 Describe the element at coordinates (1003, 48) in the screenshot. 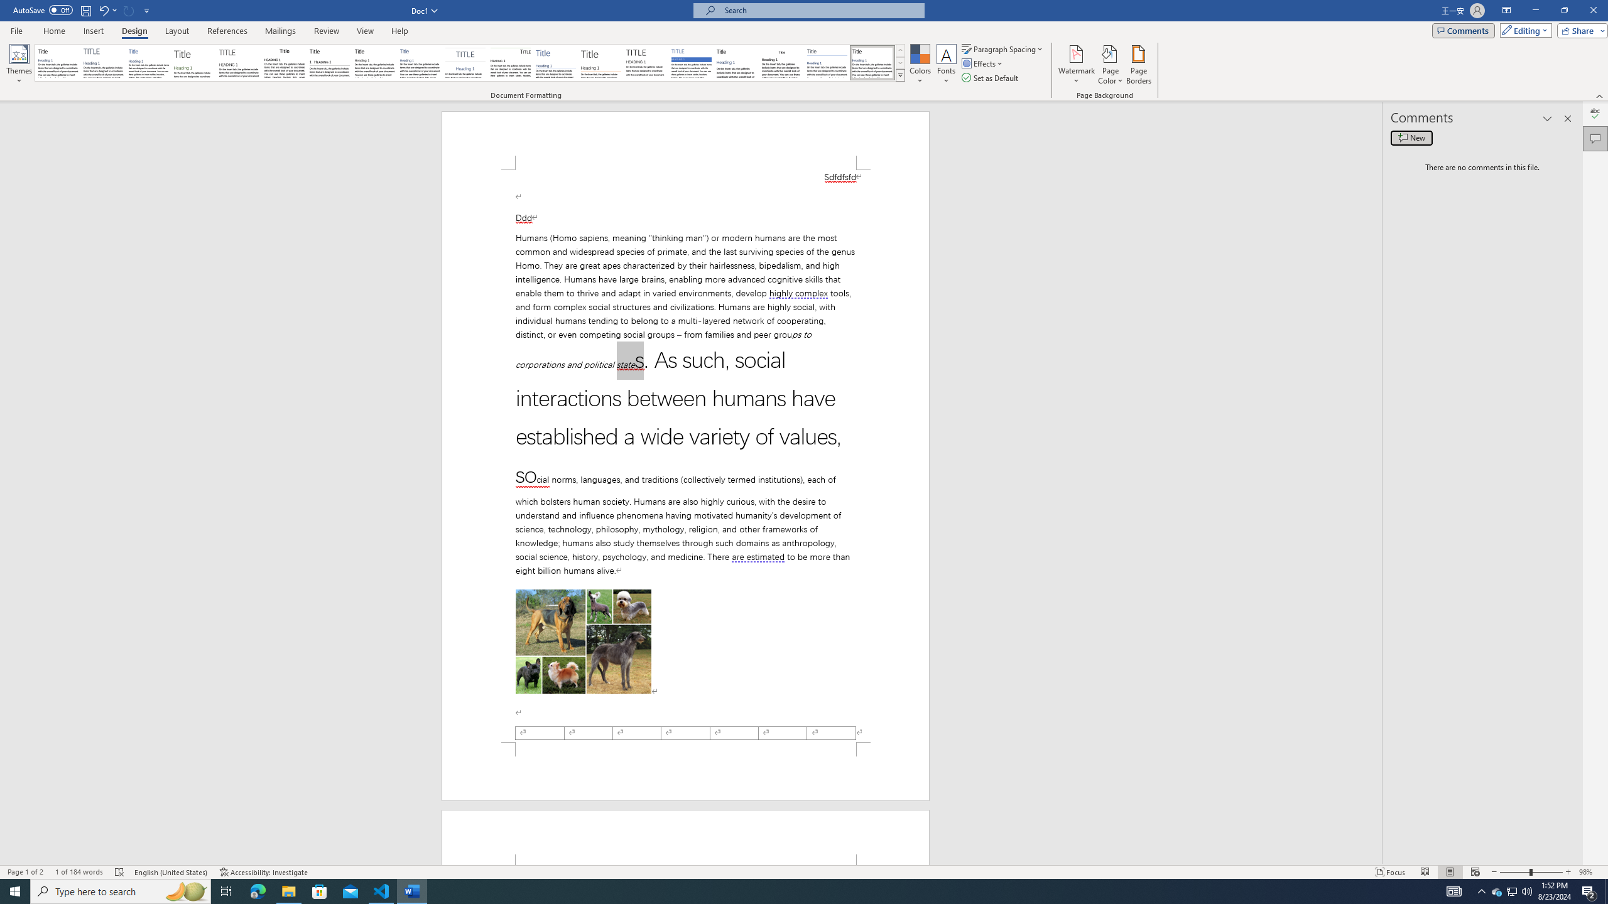

I see `'Paragraph Spacing'` at that location.